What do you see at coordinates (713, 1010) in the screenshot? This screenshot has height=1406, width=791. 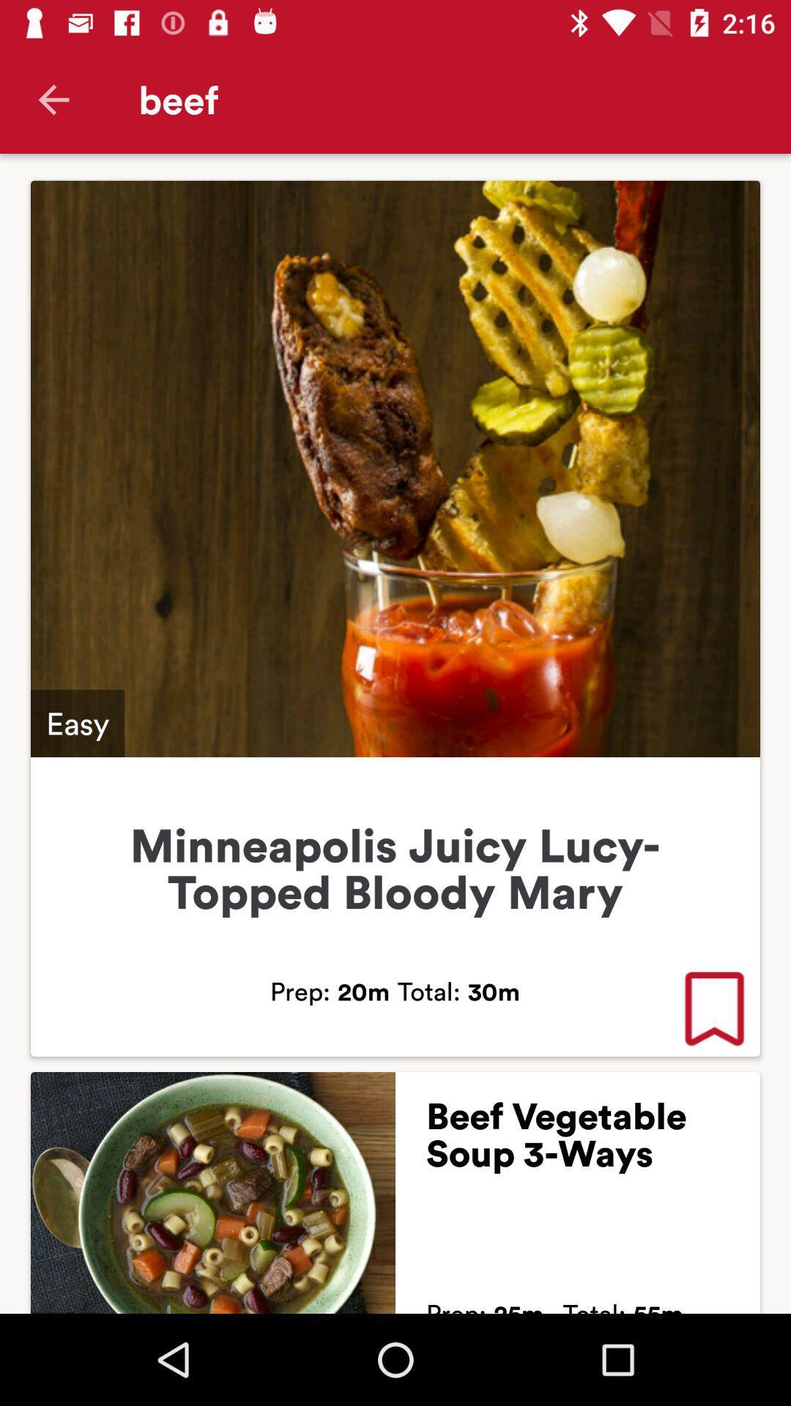 I see `icon below the minneapolis juicy lucy item` at bounding box center [713, 1010].